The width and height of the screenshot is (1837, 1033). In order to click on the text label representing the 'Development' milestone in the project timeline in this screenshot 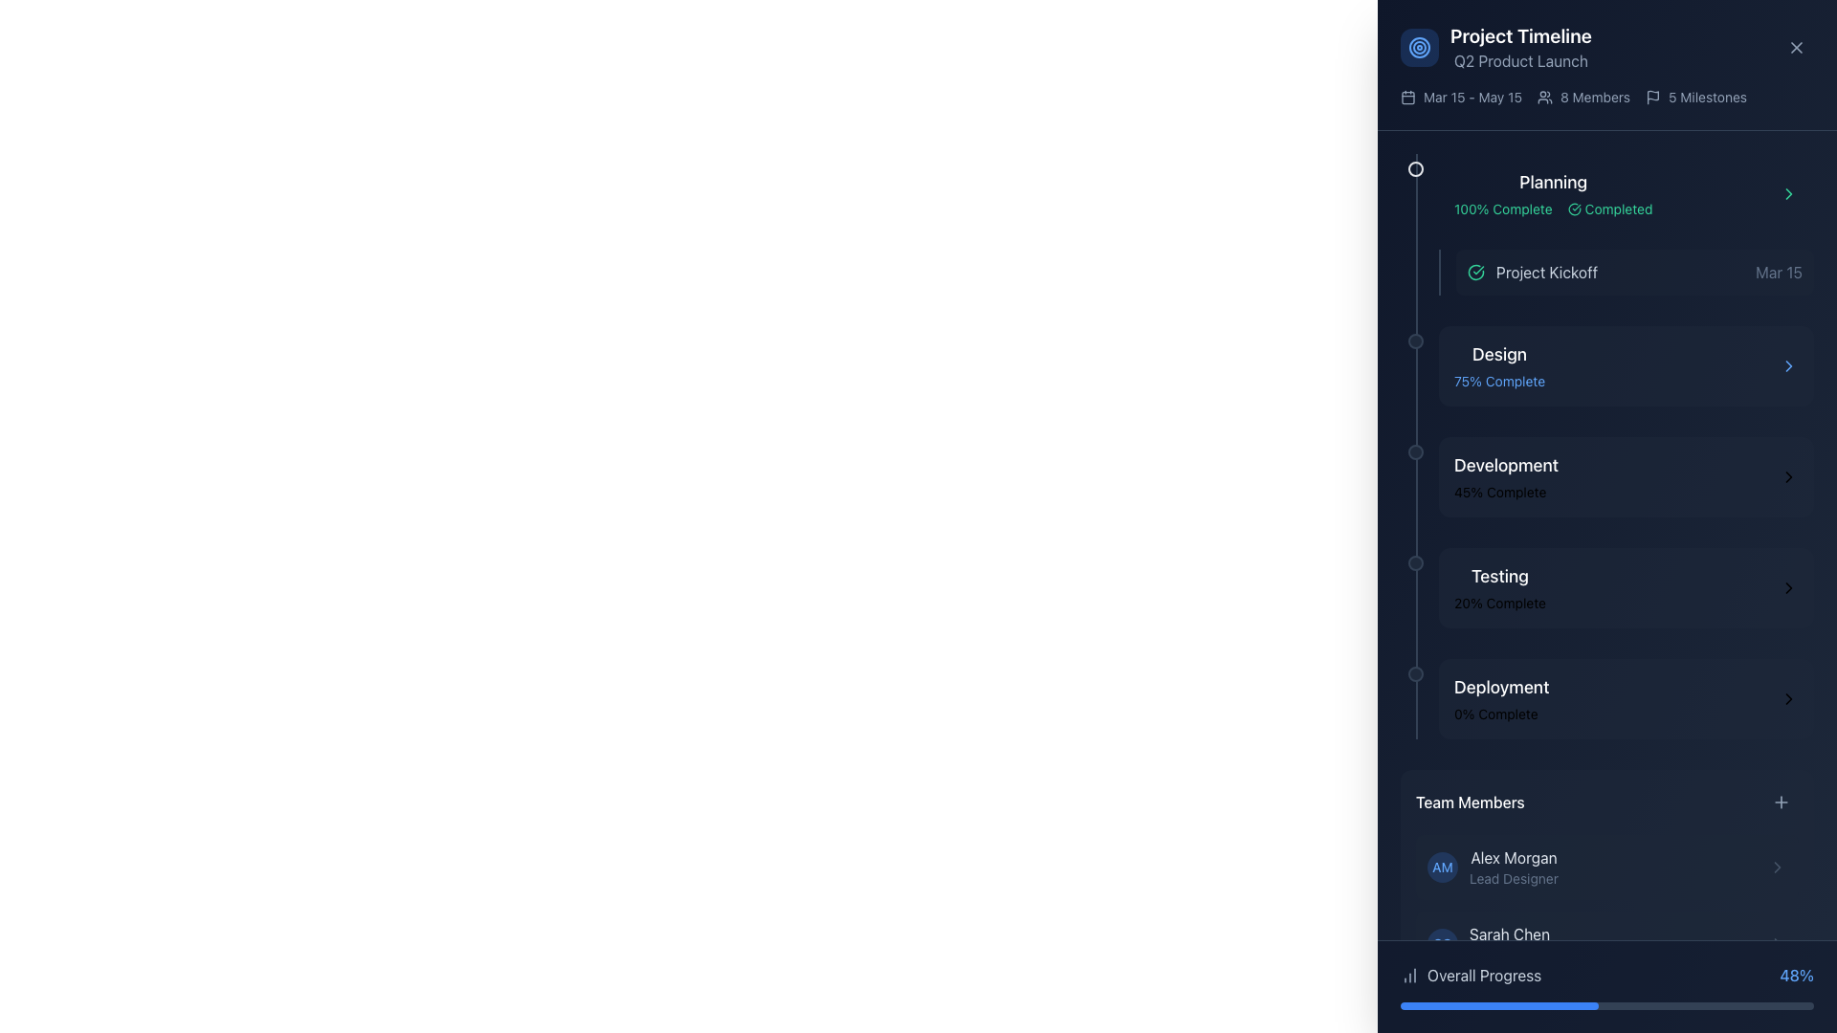, I will do `click(1505, 465)`.